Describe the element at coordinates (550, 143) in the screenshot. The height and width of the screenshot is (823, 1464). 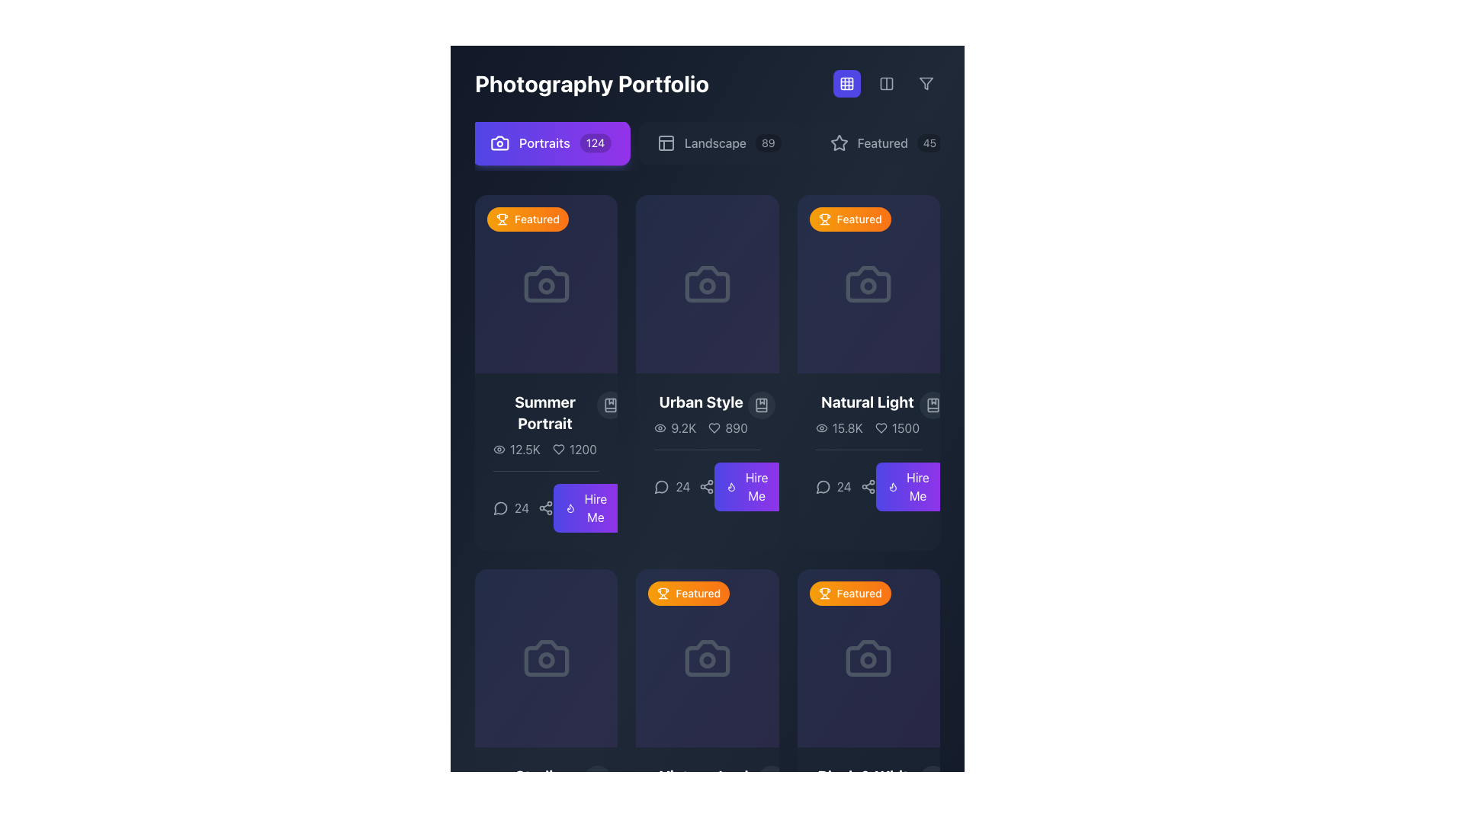
I see `the 'Portraits' button, which is the first button in a horizontal list with a gradient background and a camera icon, to filter the content` at that location.